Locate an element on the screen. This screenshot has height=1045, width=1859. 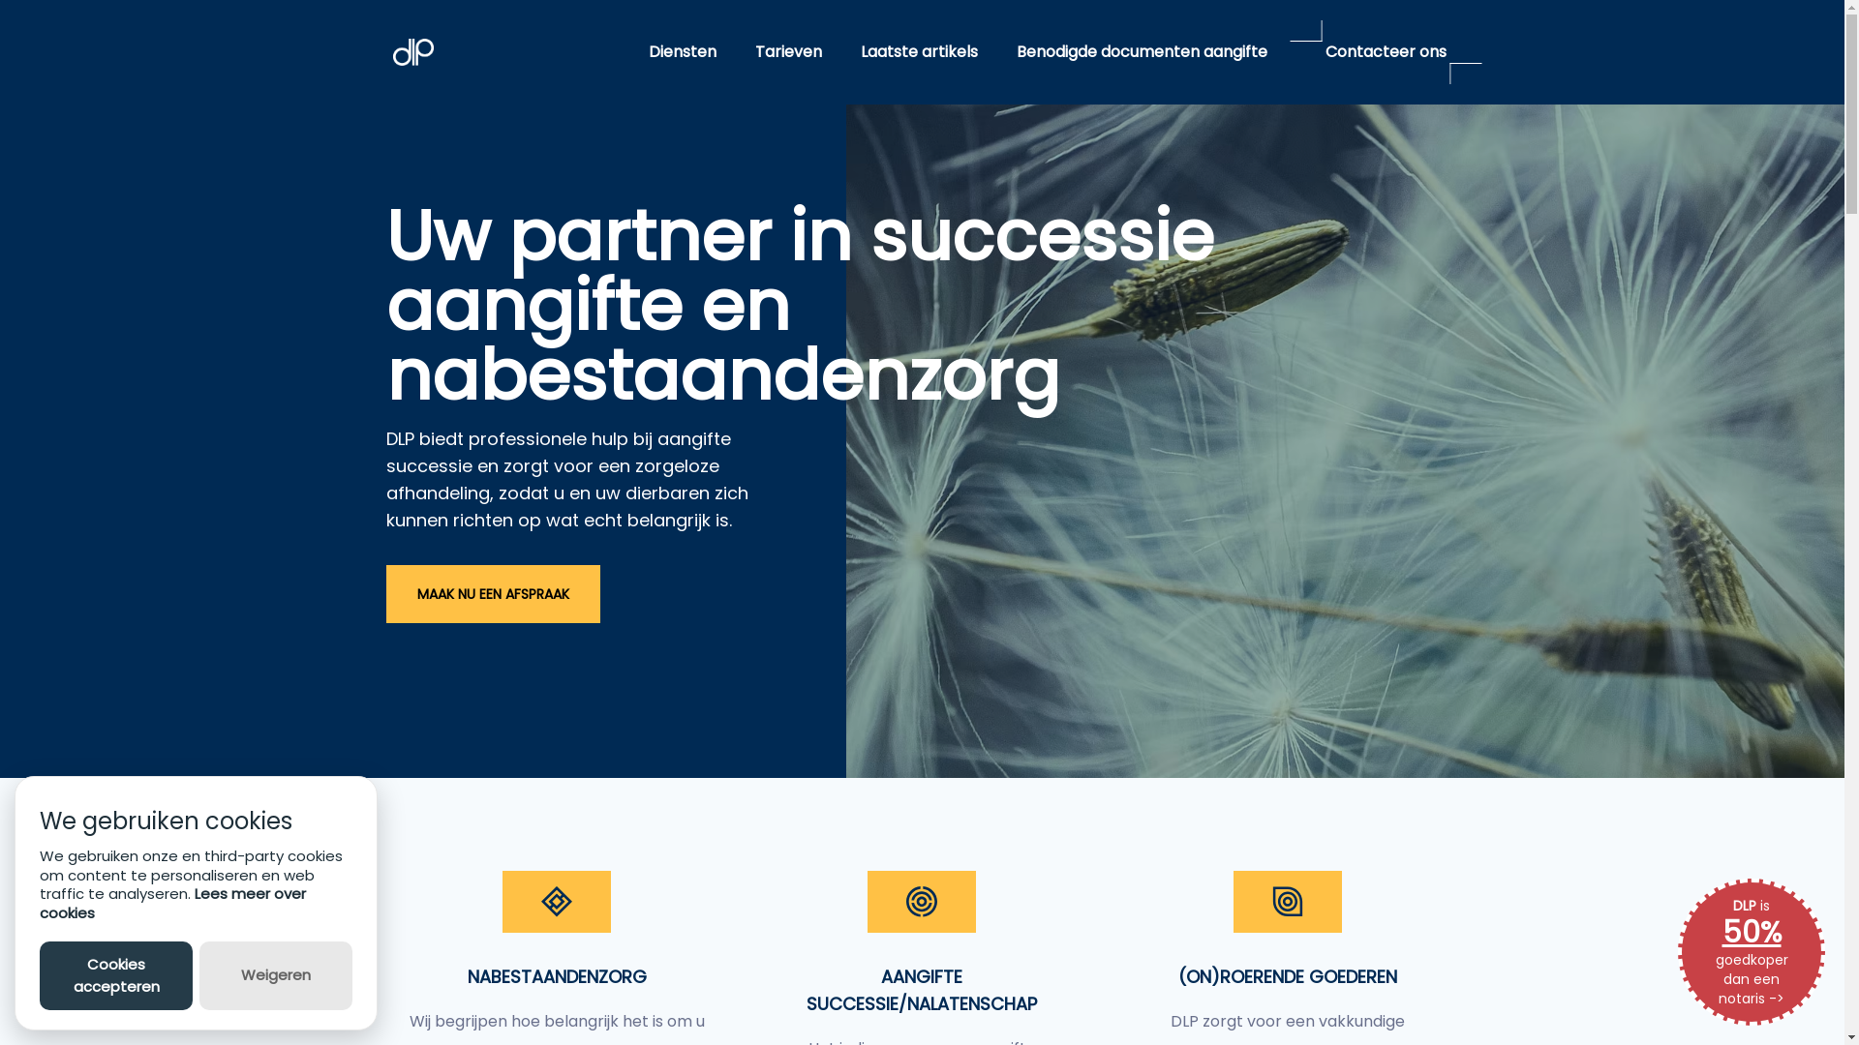
'Contacteer ons' is located at coordinates (1305, 51).